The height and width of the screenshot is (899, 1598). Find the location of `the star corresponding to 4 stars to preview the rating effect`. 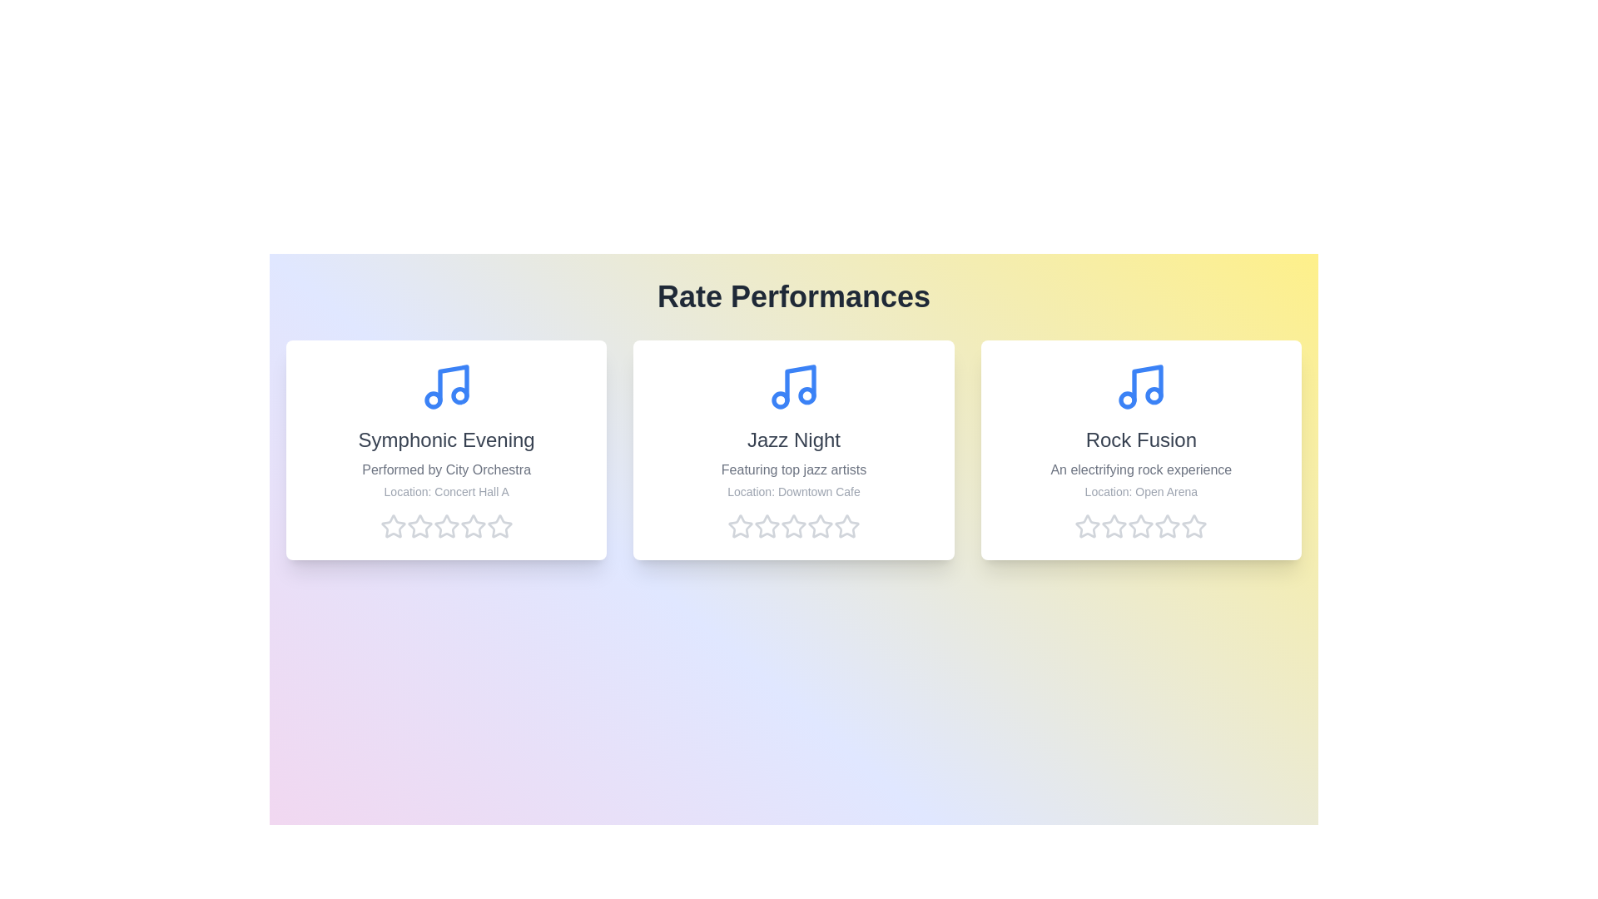

the star corresponding to 4 stars to preview the rating effect is located at coordinates (472, 526).